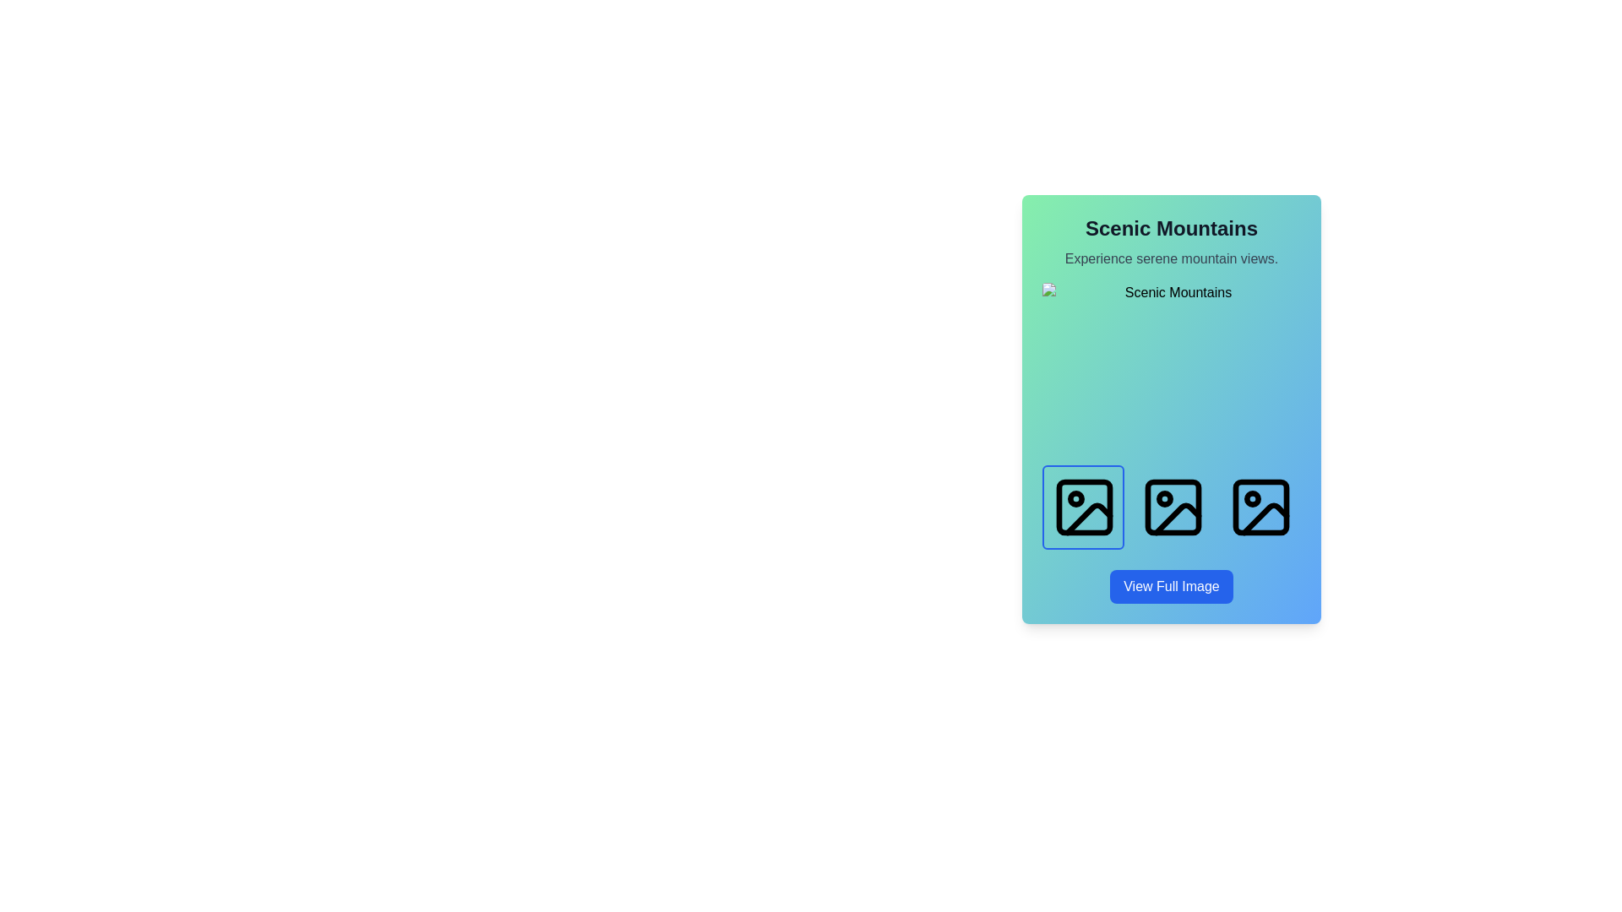 The image size is (1622, 912). I want to click on the small circular shape (SVG element) located at the center of the second icon in a series of three square image placeholders, so click(1163, 497).